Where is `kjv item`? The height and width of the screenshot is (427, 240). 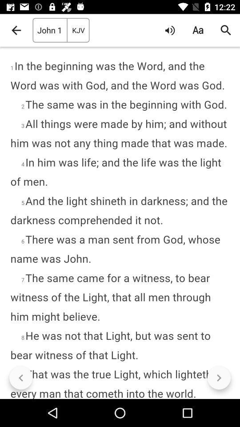 kjv item is located at coordinates (78, 30).